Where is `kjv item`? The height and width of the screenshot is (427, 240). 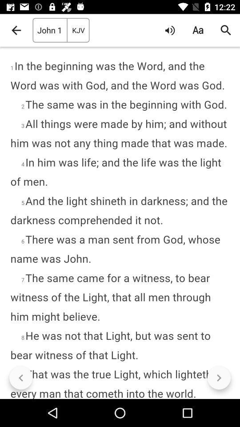 kjv item is located at coordinates (78, 30).